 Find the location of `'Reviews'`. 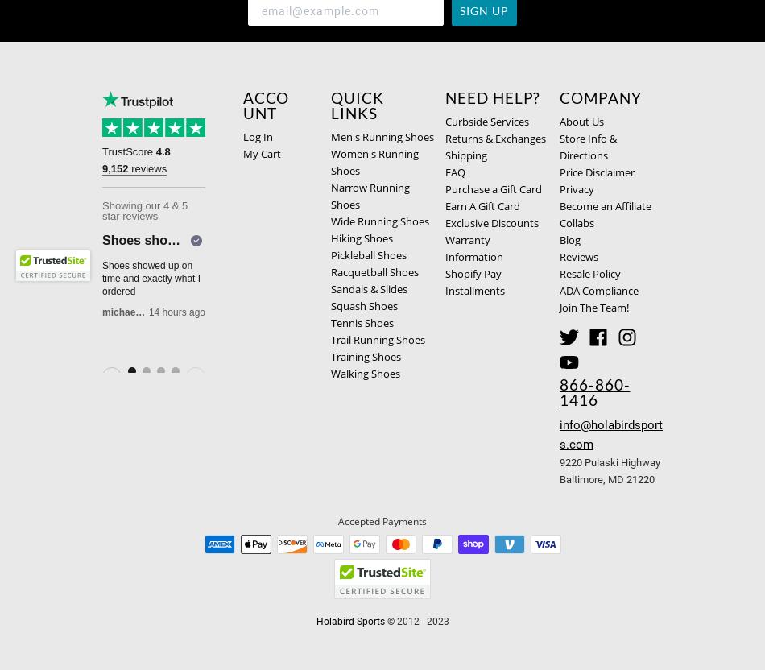

'Reviews' is located at coordinates (577, 256).